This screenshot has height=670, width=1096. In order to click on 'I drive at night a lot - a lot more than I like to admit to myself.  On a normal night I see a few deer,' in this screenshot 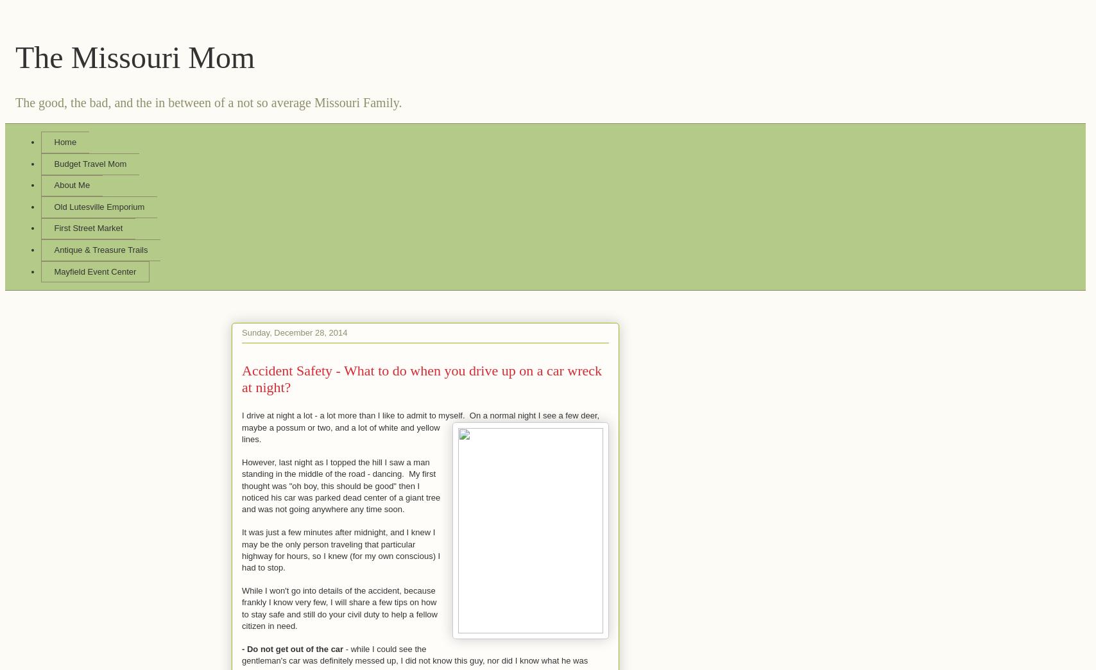, I will do `click(420, 415)`.